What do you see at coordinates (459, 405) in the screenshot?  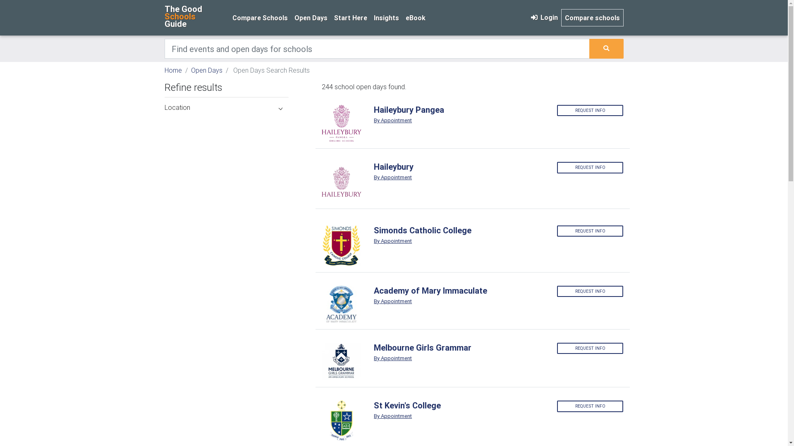 I see `'St Kevin's College'` at bounding box center [459, 405].